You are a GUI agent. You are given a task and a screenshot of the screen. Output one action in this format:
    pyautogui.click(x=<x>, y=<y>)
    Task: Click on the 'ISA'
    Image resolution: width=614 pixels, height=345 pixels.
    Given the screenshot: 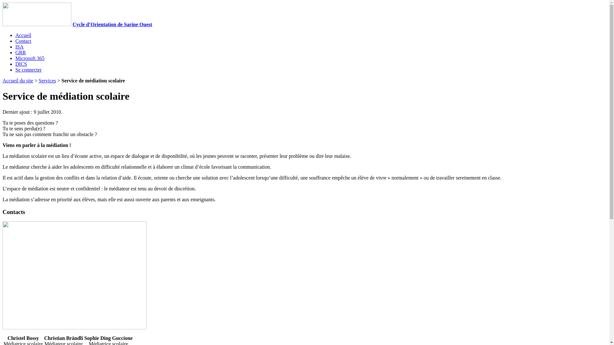 What is the action you would take?
    pyautogui.click(x=20, y=46)
    